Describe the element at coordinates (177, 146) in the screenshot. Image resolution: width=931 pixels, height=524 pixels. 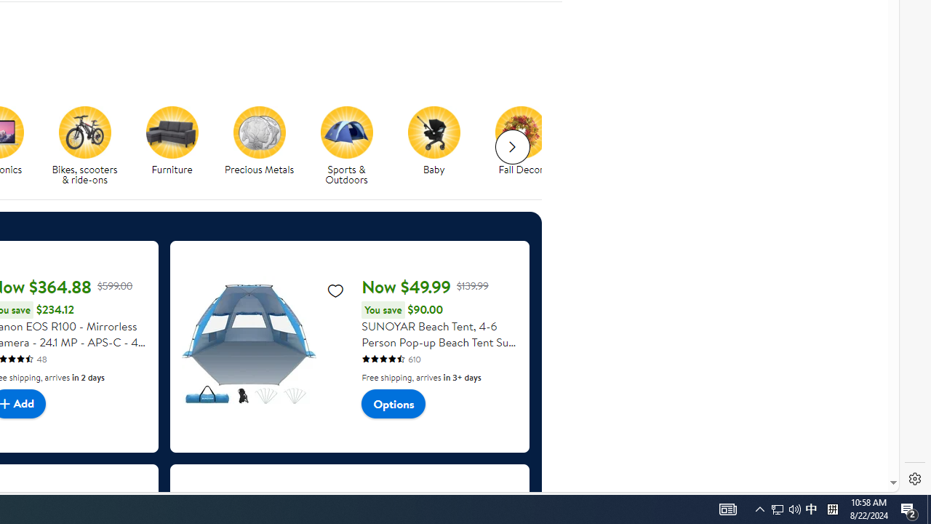
I see `'Furniture'` at that location.